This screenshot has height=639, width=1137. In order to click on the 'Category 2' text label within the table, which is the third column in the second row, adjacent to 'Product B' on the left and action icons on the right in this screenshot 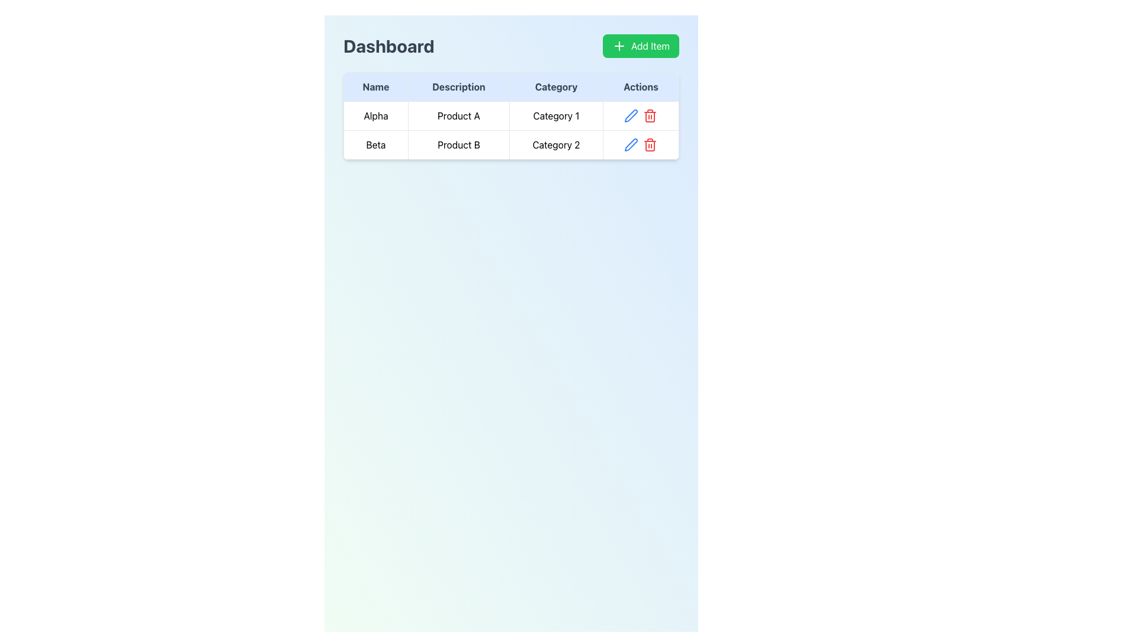, I will do `click(555, 144)`.